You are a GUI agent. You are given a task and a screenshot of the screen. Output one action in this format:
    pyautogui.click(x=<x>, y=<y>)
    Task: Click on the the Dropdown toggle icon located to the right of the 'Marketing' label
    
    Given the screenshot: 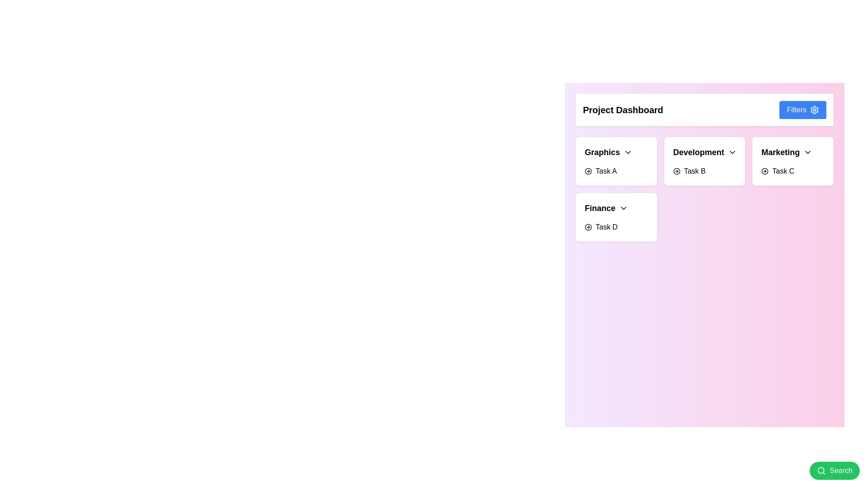 What is the action you would take?
    pyautogui.click(x=808, y=152)
    